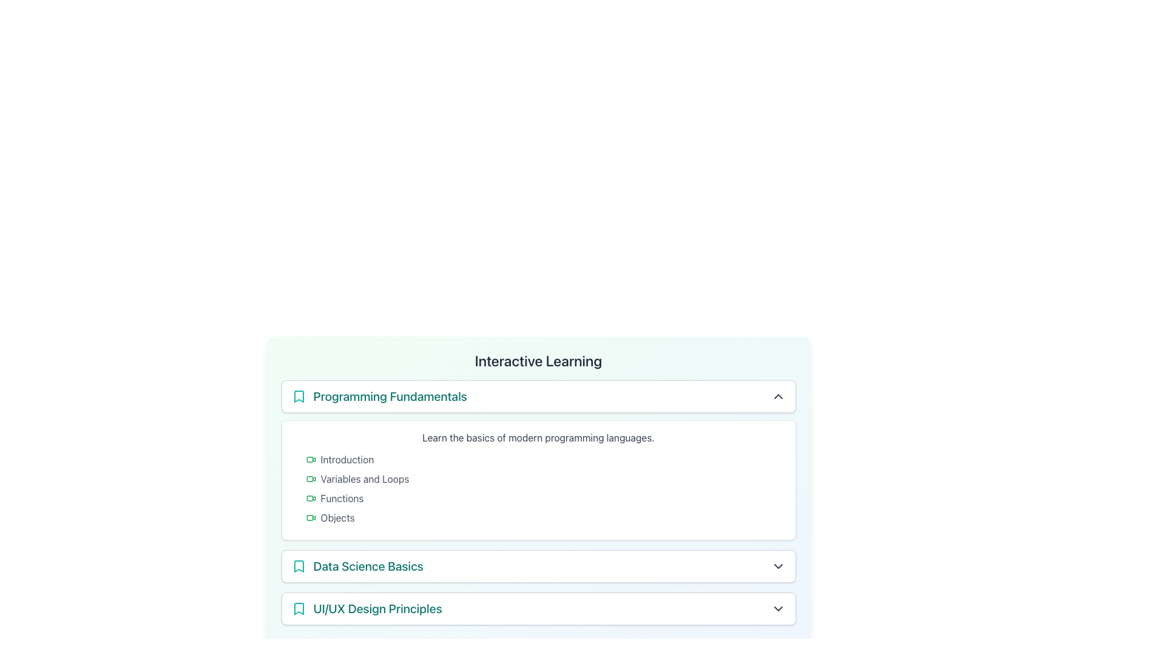 This screenshot has height=655, width=1165. What do you see at coordinates (342, 498) in the screenshot?
I see `the 'Functions' text label located under the 'Programming Fundamentals' section` at bounding box center [342, 498].